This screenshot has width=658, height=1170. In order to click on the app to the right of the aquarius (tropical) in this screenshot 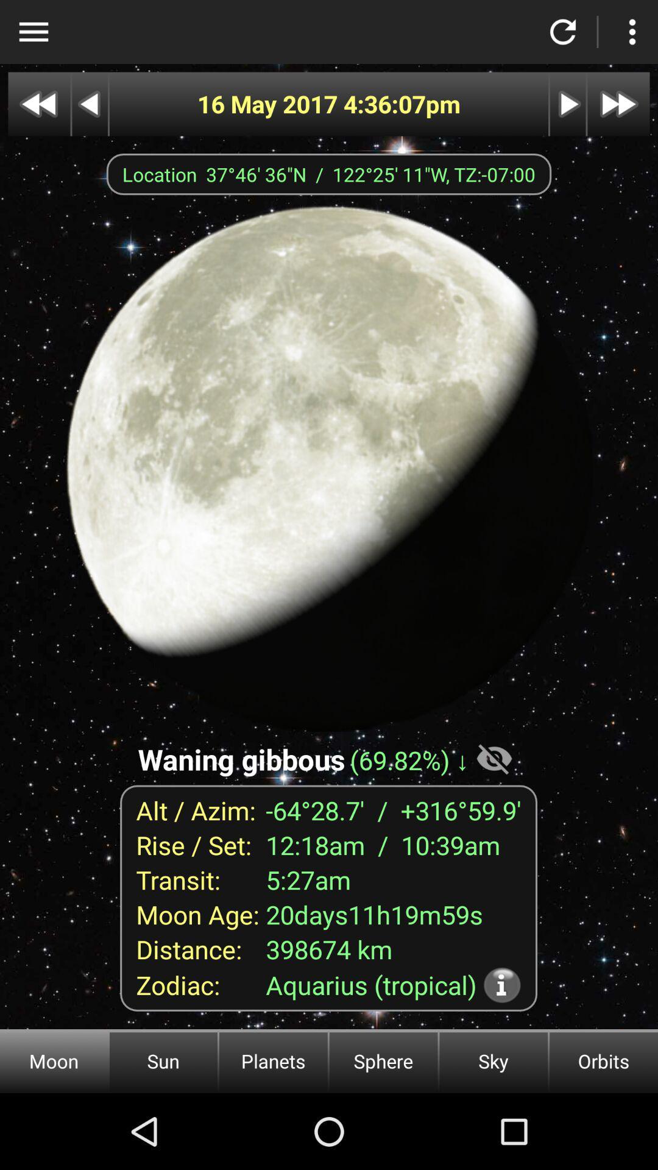, I will do `click(502, 985)`.